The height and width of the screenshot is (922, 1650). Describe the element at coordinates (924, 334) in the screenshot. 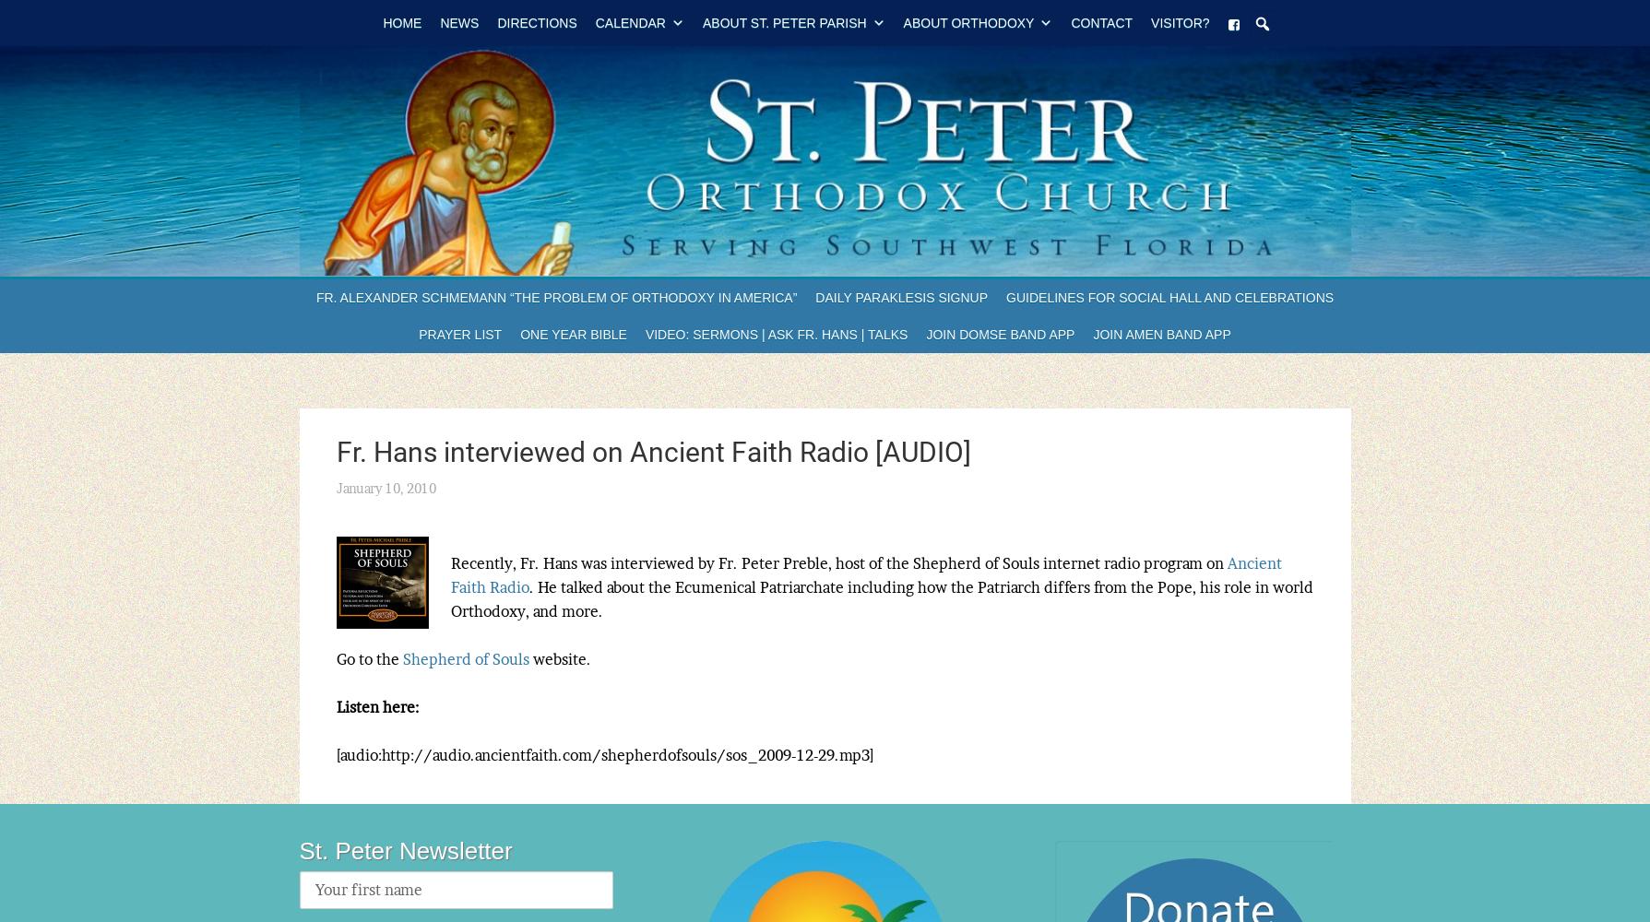

I see `'Join DOMSE Band App'` at that location.